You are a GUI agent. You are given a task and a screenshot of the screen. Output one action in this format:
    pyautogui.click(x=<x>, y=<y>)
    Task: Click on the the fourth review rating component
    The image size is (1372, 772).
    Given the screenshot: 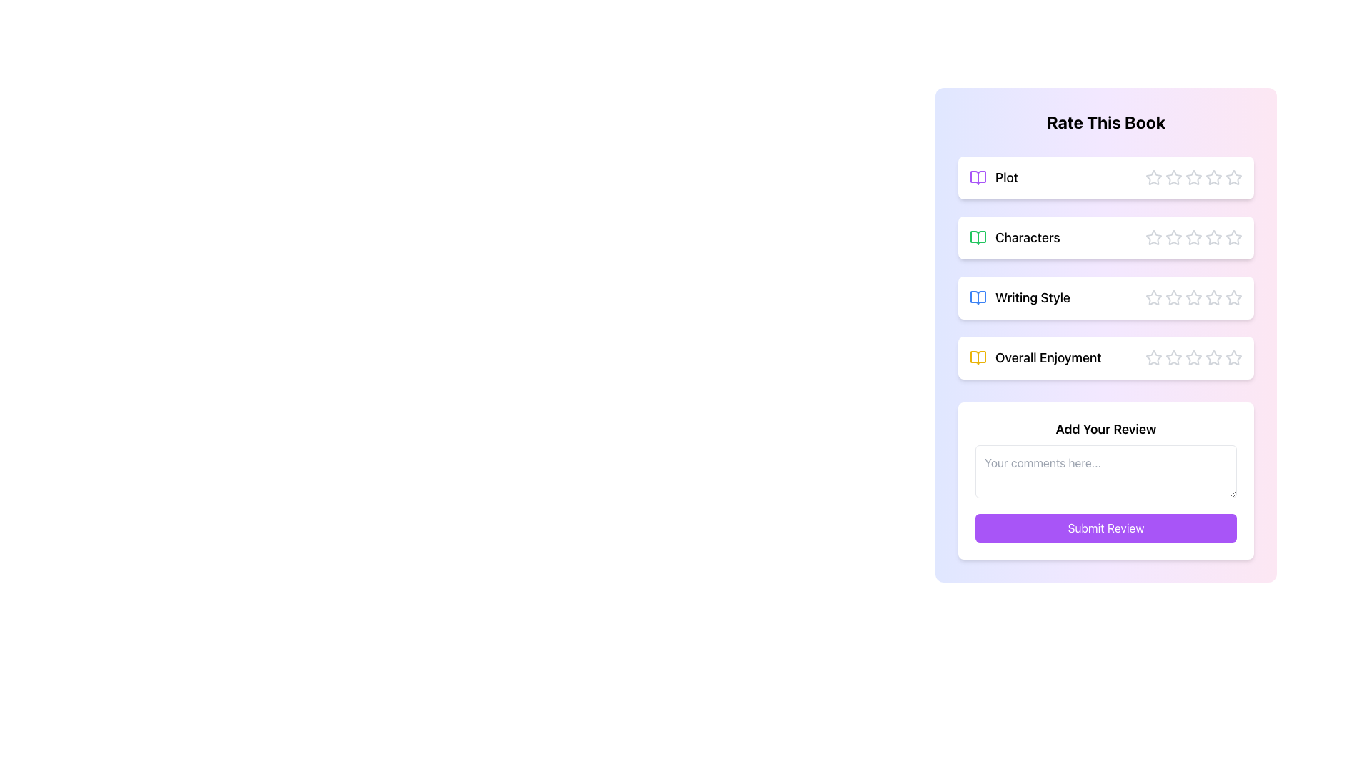 What is the action you would take?
    pyautogui.click(x=1105, y=357)
    